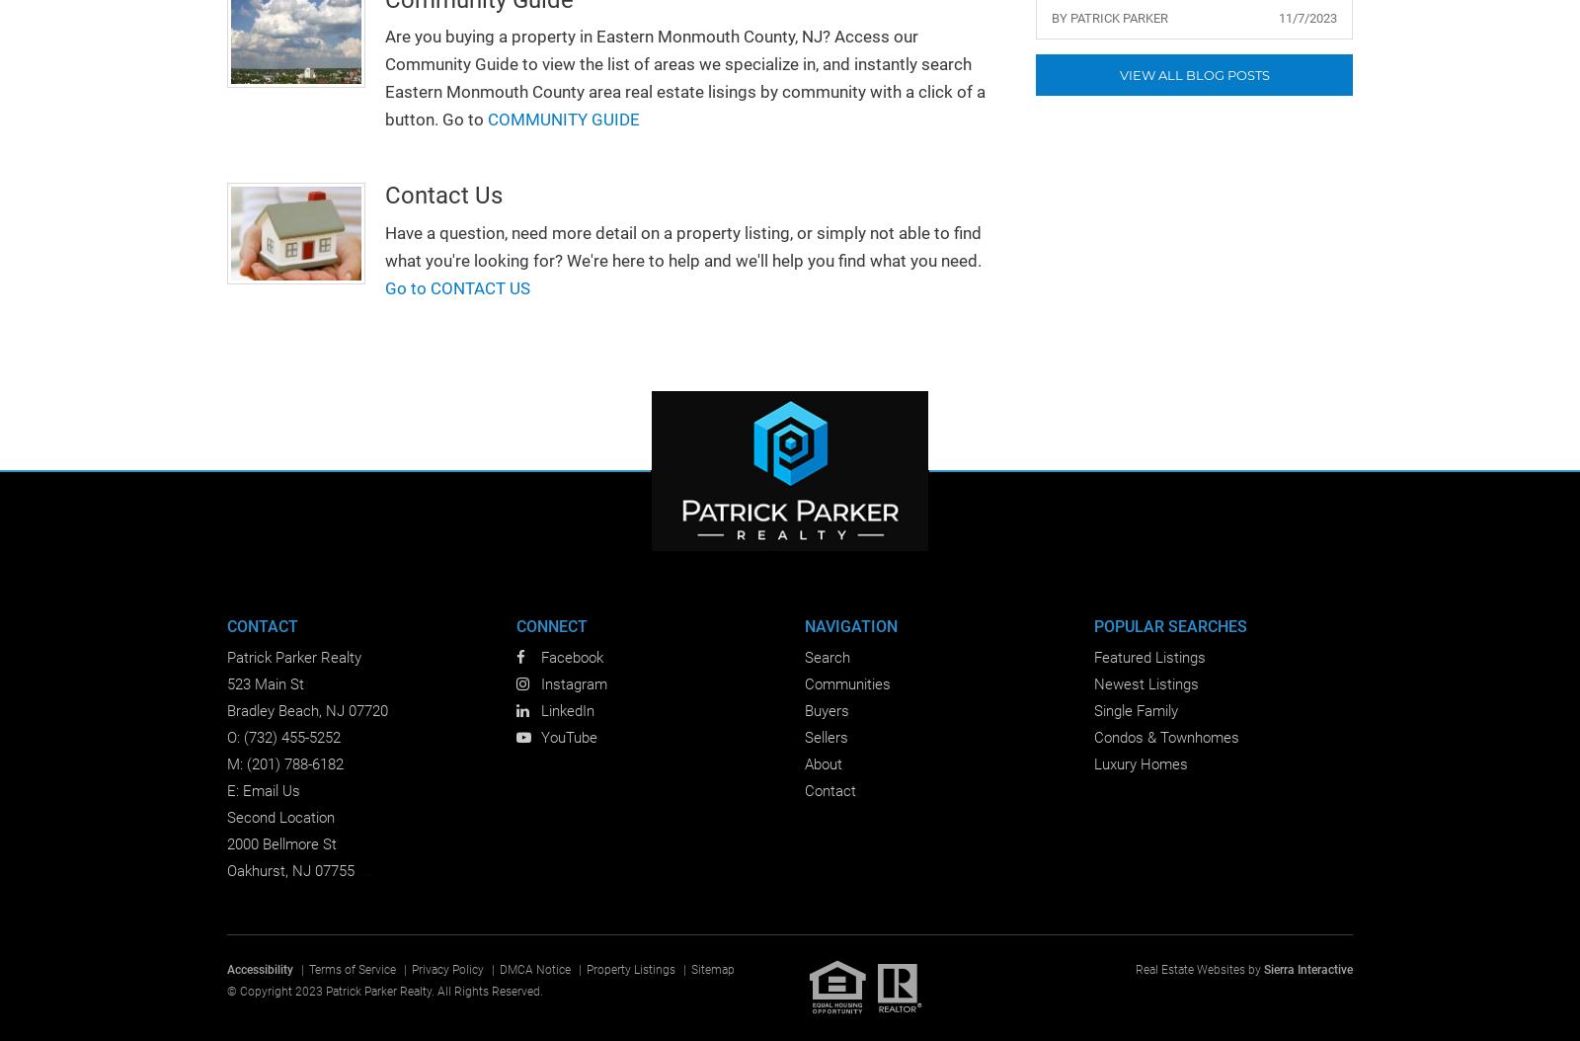 This screenshot has width=1580, height=1041. Describe the element at coordinates (307, 709) in the screenshot. I see `'Bradley Beach, NJ 07720'` at that location.